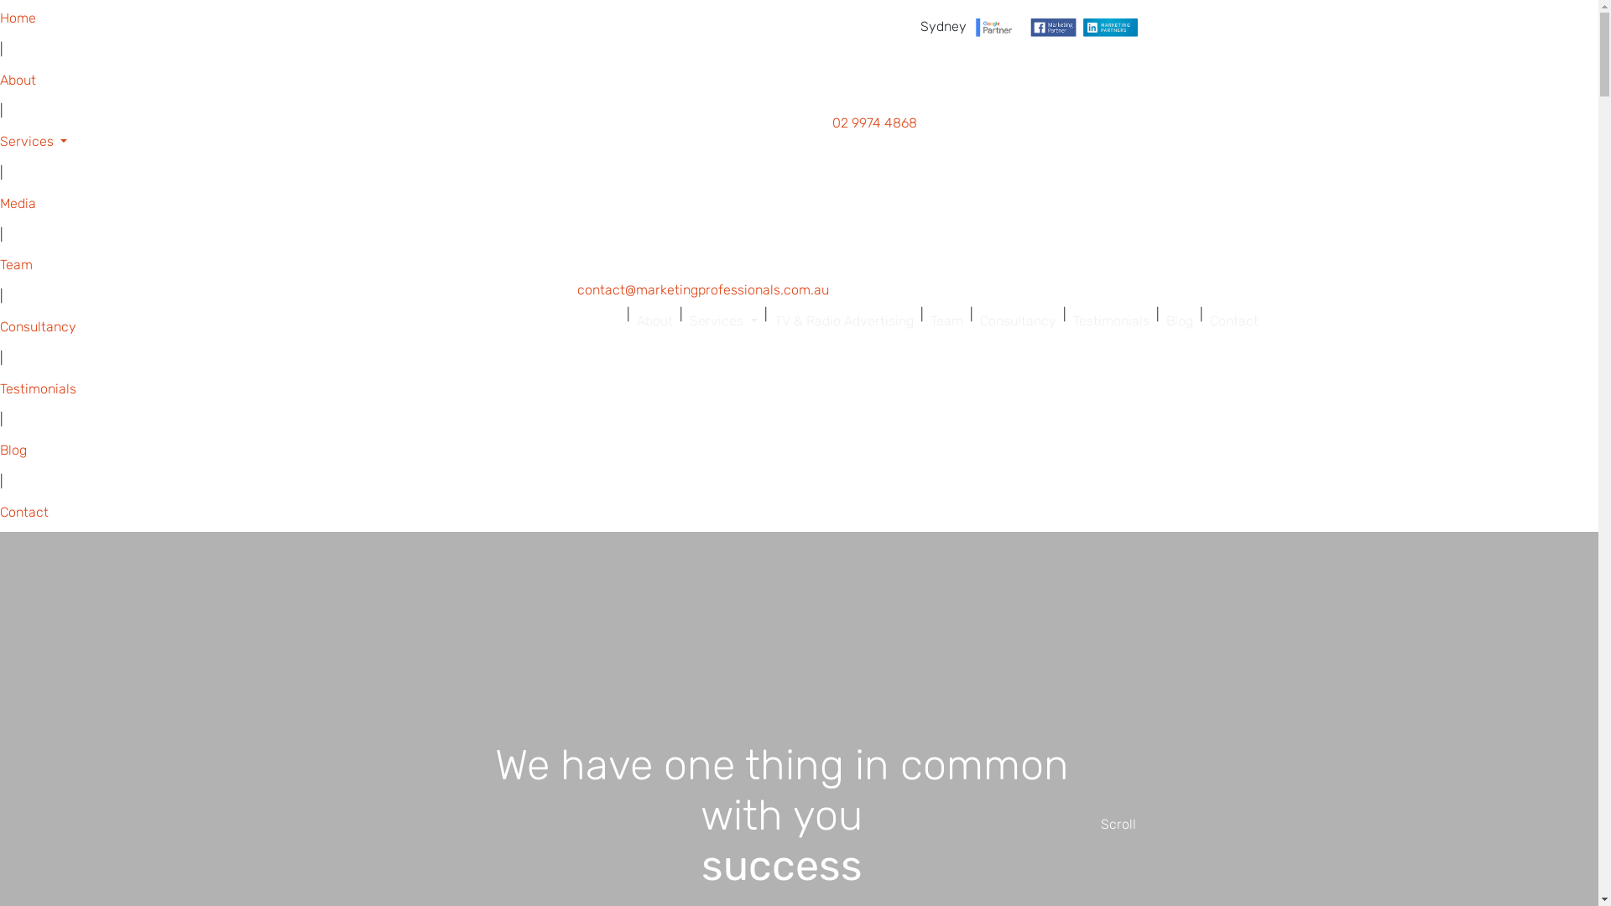 The image size is (1611, 906). What do you see at coordinates (628, 321) in the screenshot?
I see `'About'` at bounding box center [628, 321].